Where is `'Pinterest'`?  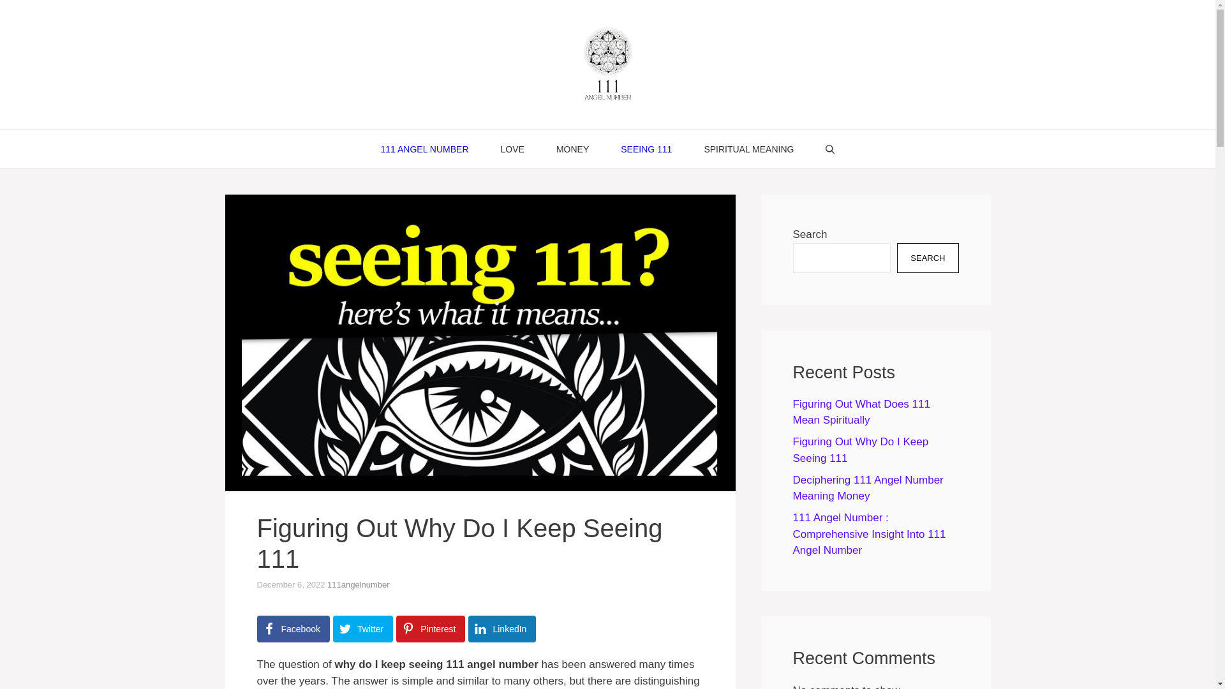 'Pinterest' is located at coordinates (431, 628).